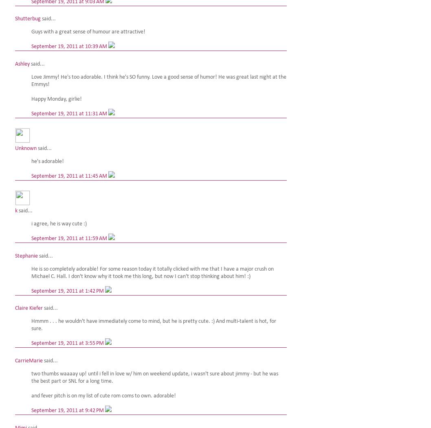  Describe the element at coordinates (16, 210) in the screenshot. I see `'k'` at that location.